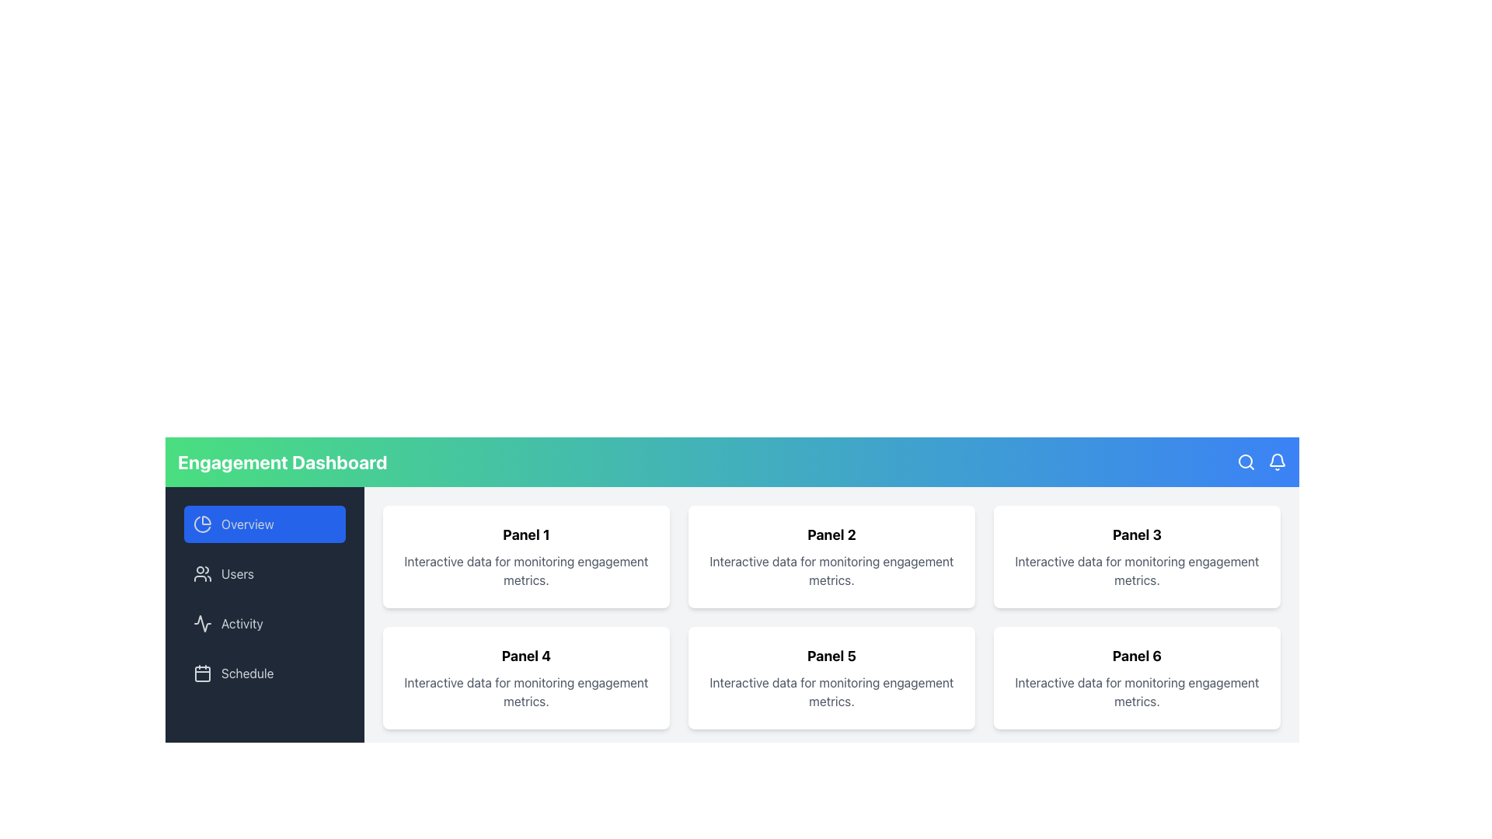 The image size is (1492, 839). What do you see at coordinates (201, 524) in the screenshot?
I see `the pie chart icon located inside the blue button labeled 'Overview', which is positioned at the top of the vertical navigation menu` at bounding box center [201, 524].